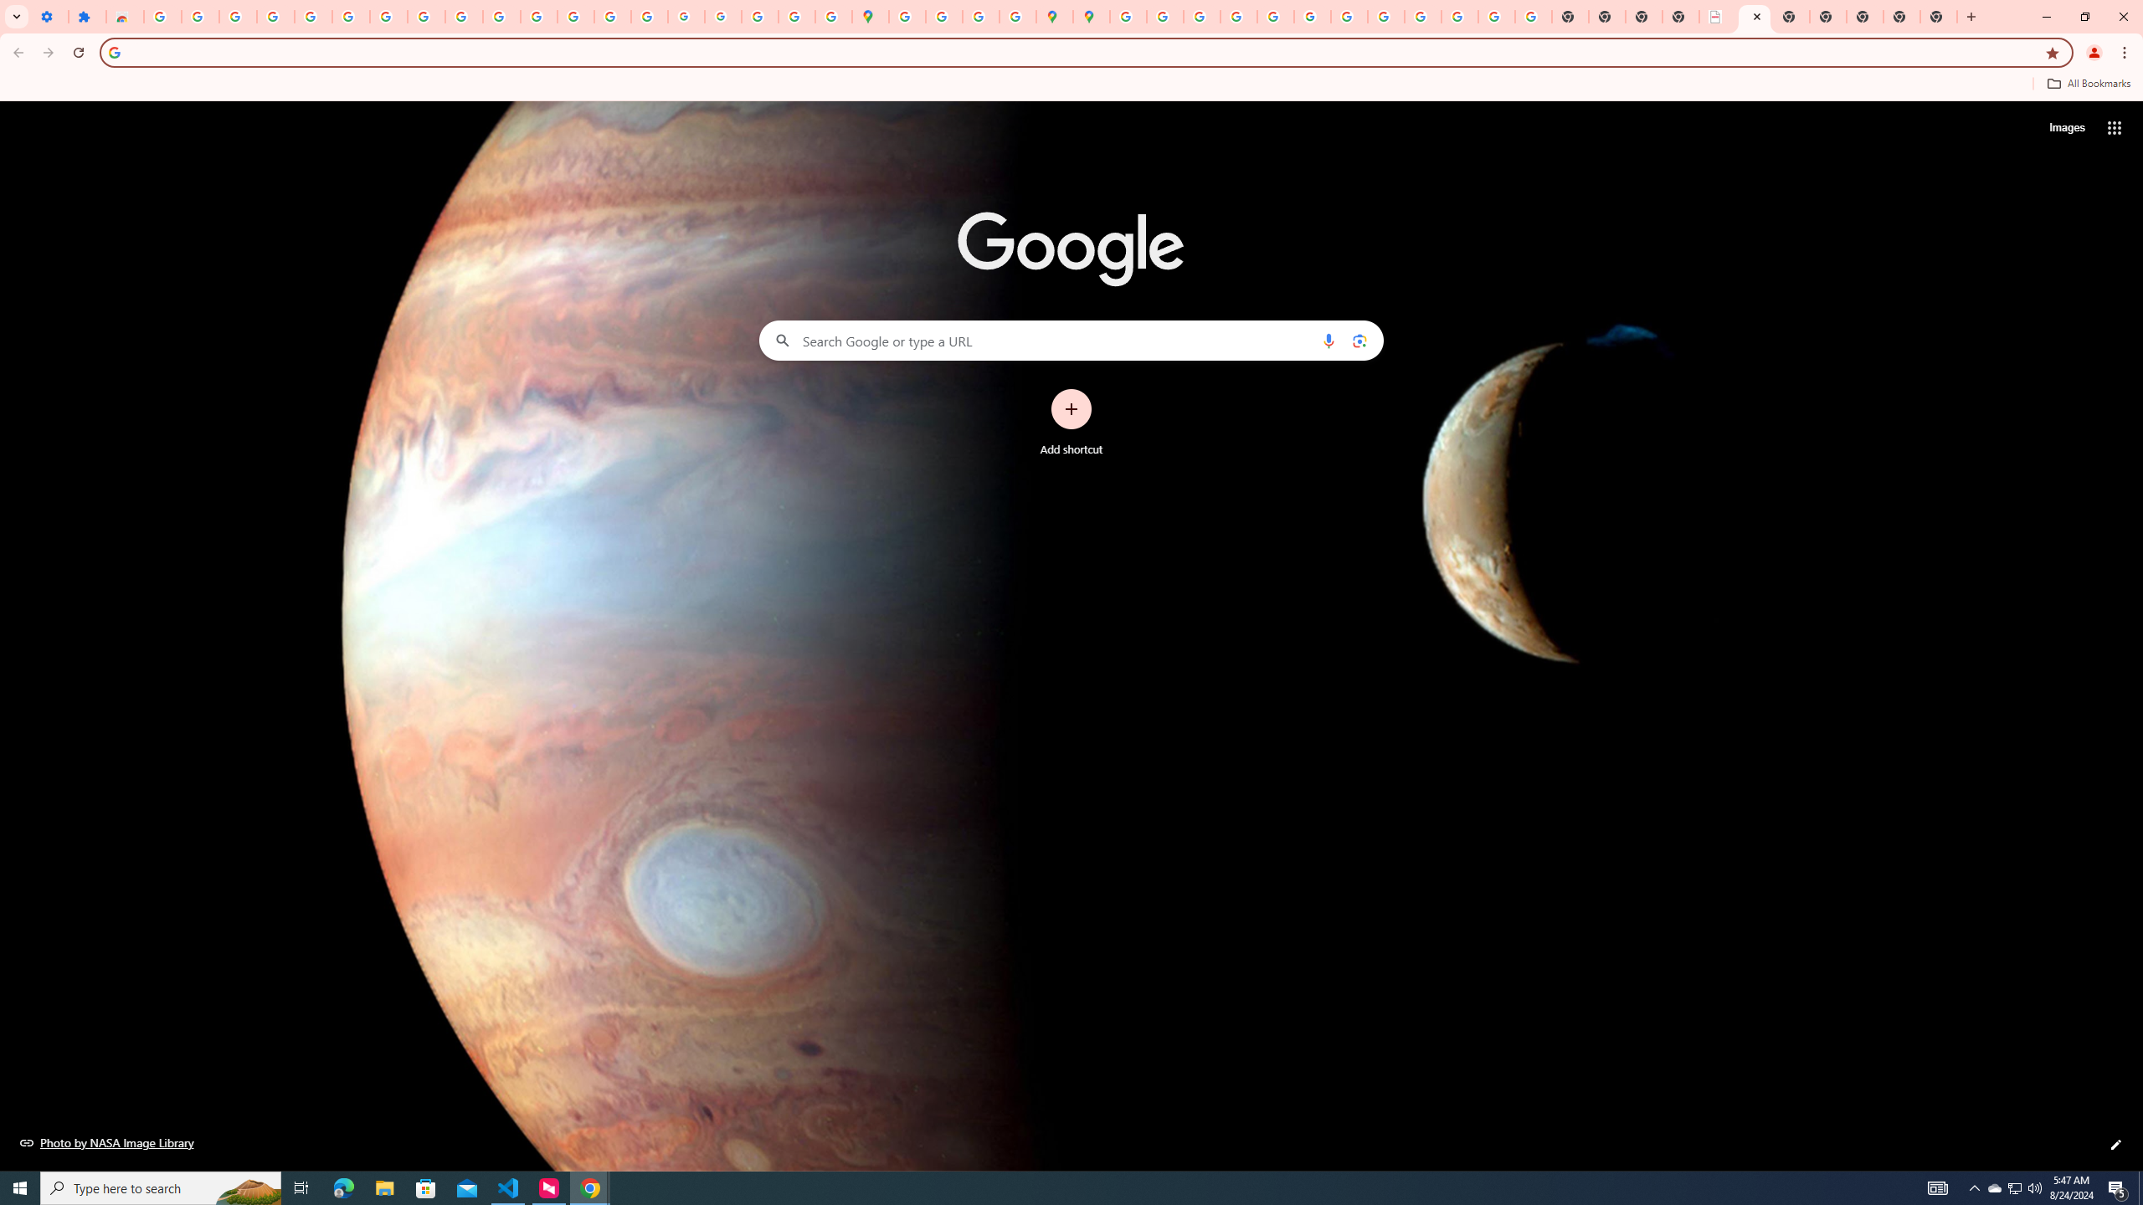 The image size is (2143, 1205). Describe the element at coordinates (2115, 1144) in the screenshot. I see `'Customize this page'` at that location.